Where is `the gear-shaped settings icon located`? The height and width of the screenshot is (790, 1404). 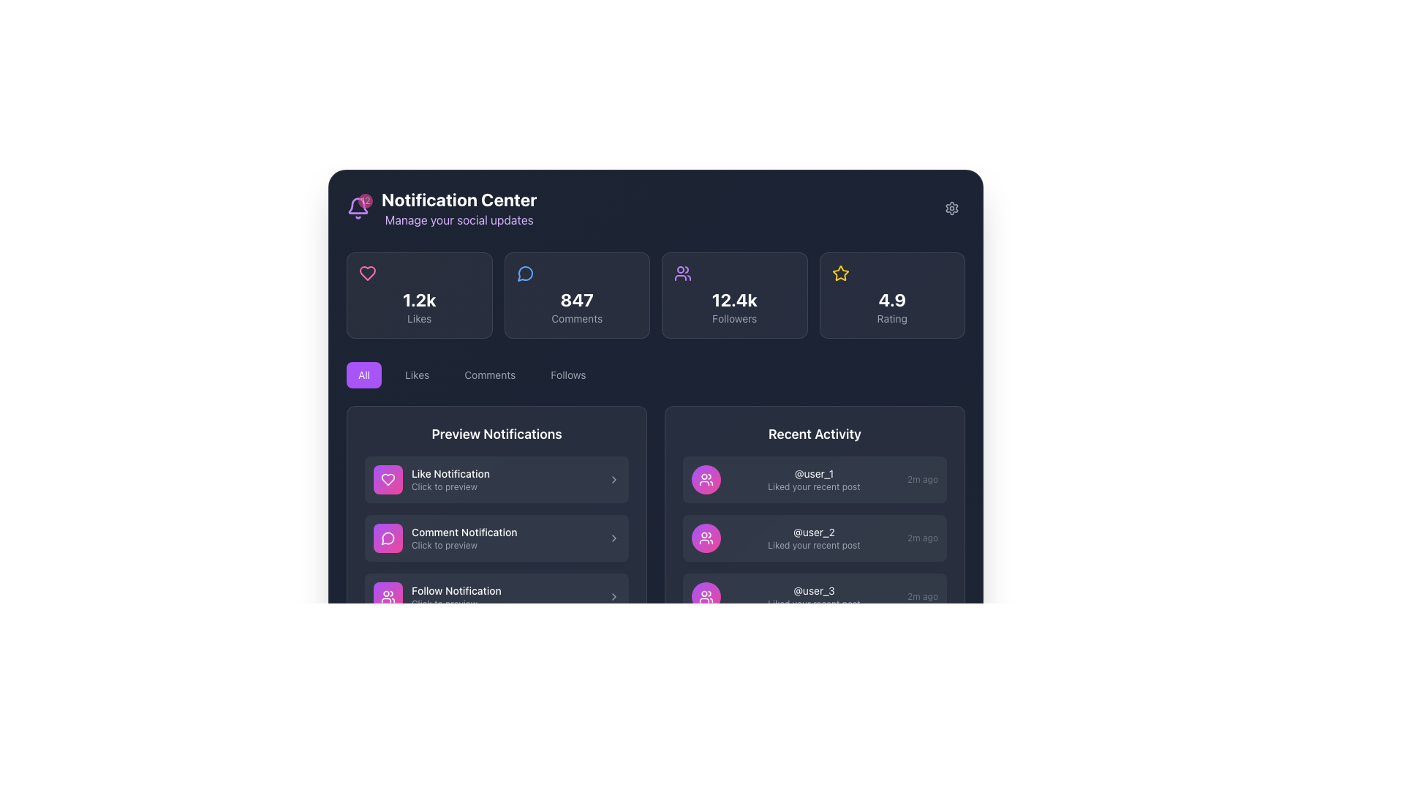
the gear-shaped settings icon located is located at coordinates (951, 208).